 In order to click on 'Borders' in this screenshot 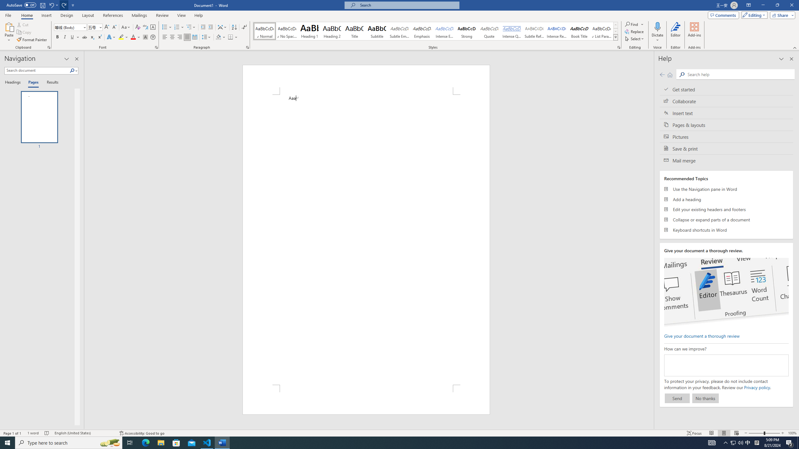, I will do `click(230, 37)`.